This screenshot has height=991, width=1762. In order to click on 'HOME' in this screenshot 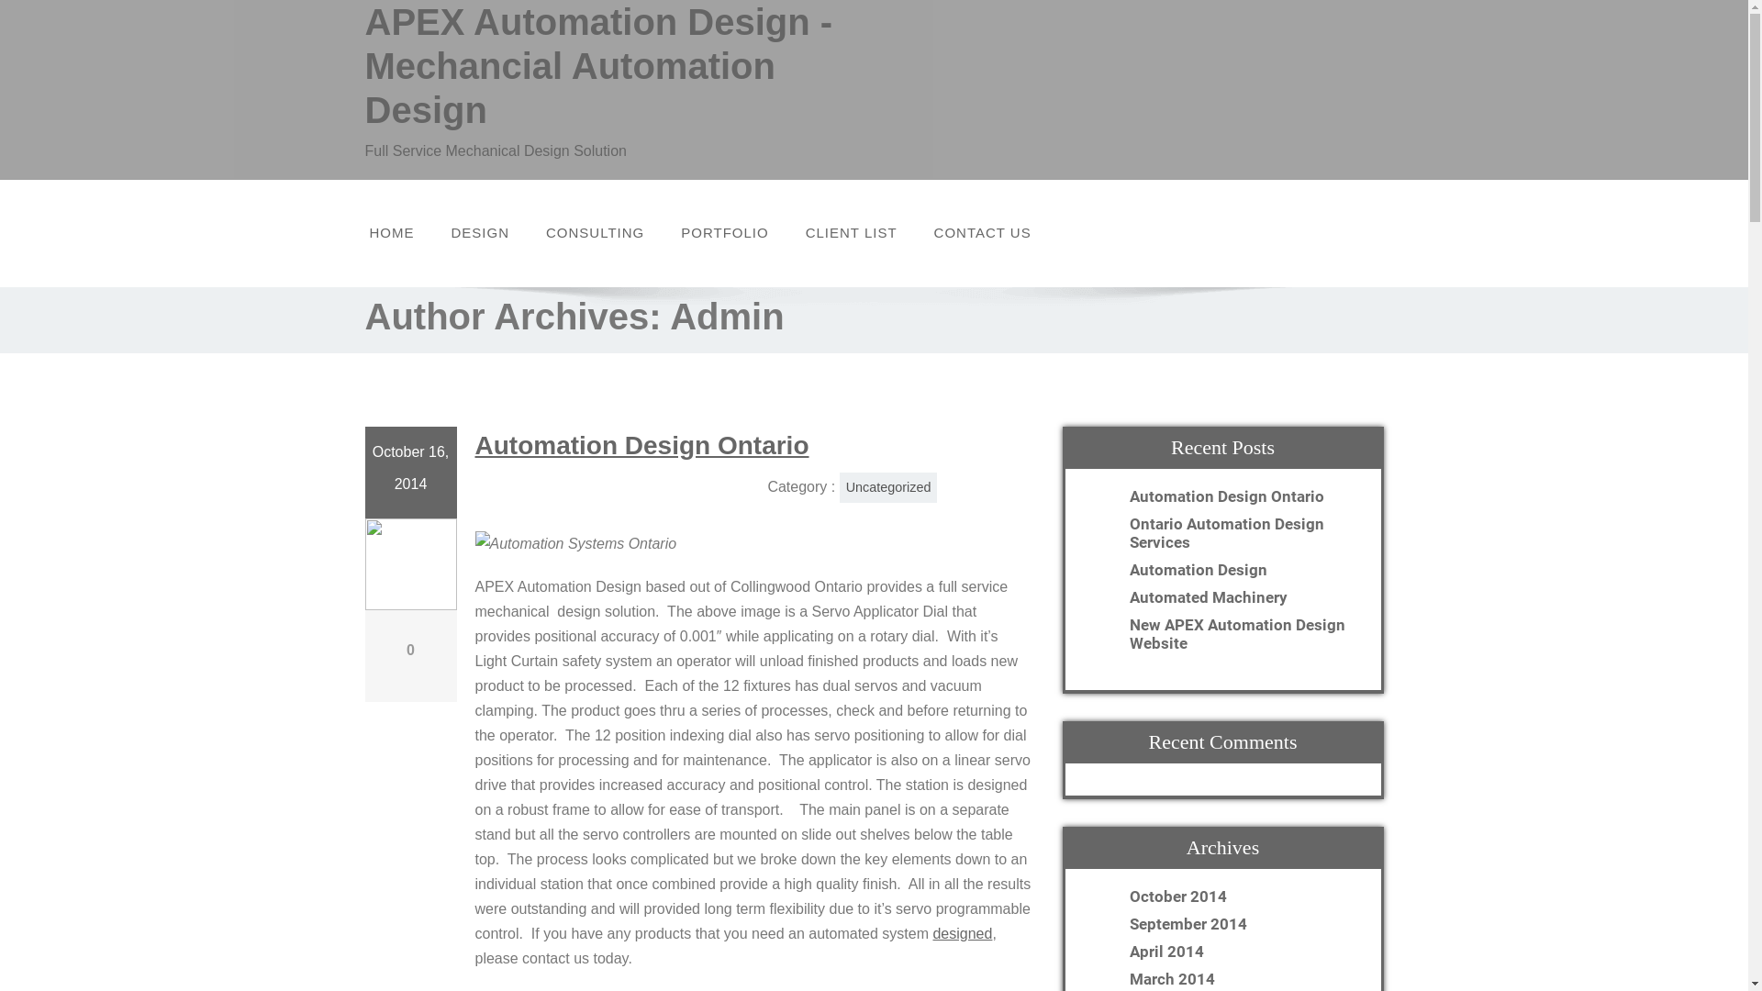, I will do `click(390, 232)`.